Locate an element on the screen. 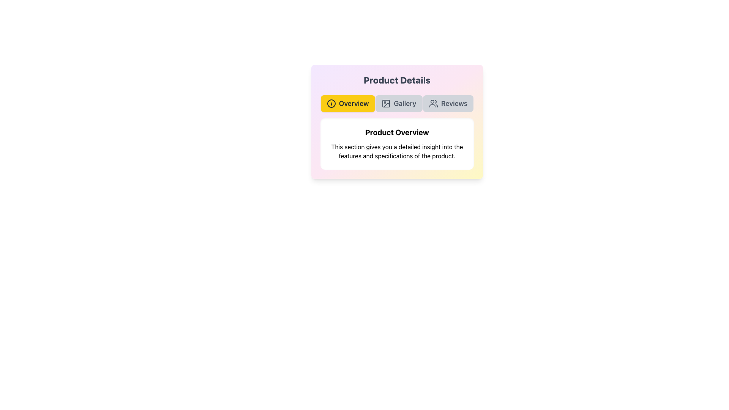 This screenshot has width=729, height=410. the third button in the horizontal group is located at coordinates (448, 104).